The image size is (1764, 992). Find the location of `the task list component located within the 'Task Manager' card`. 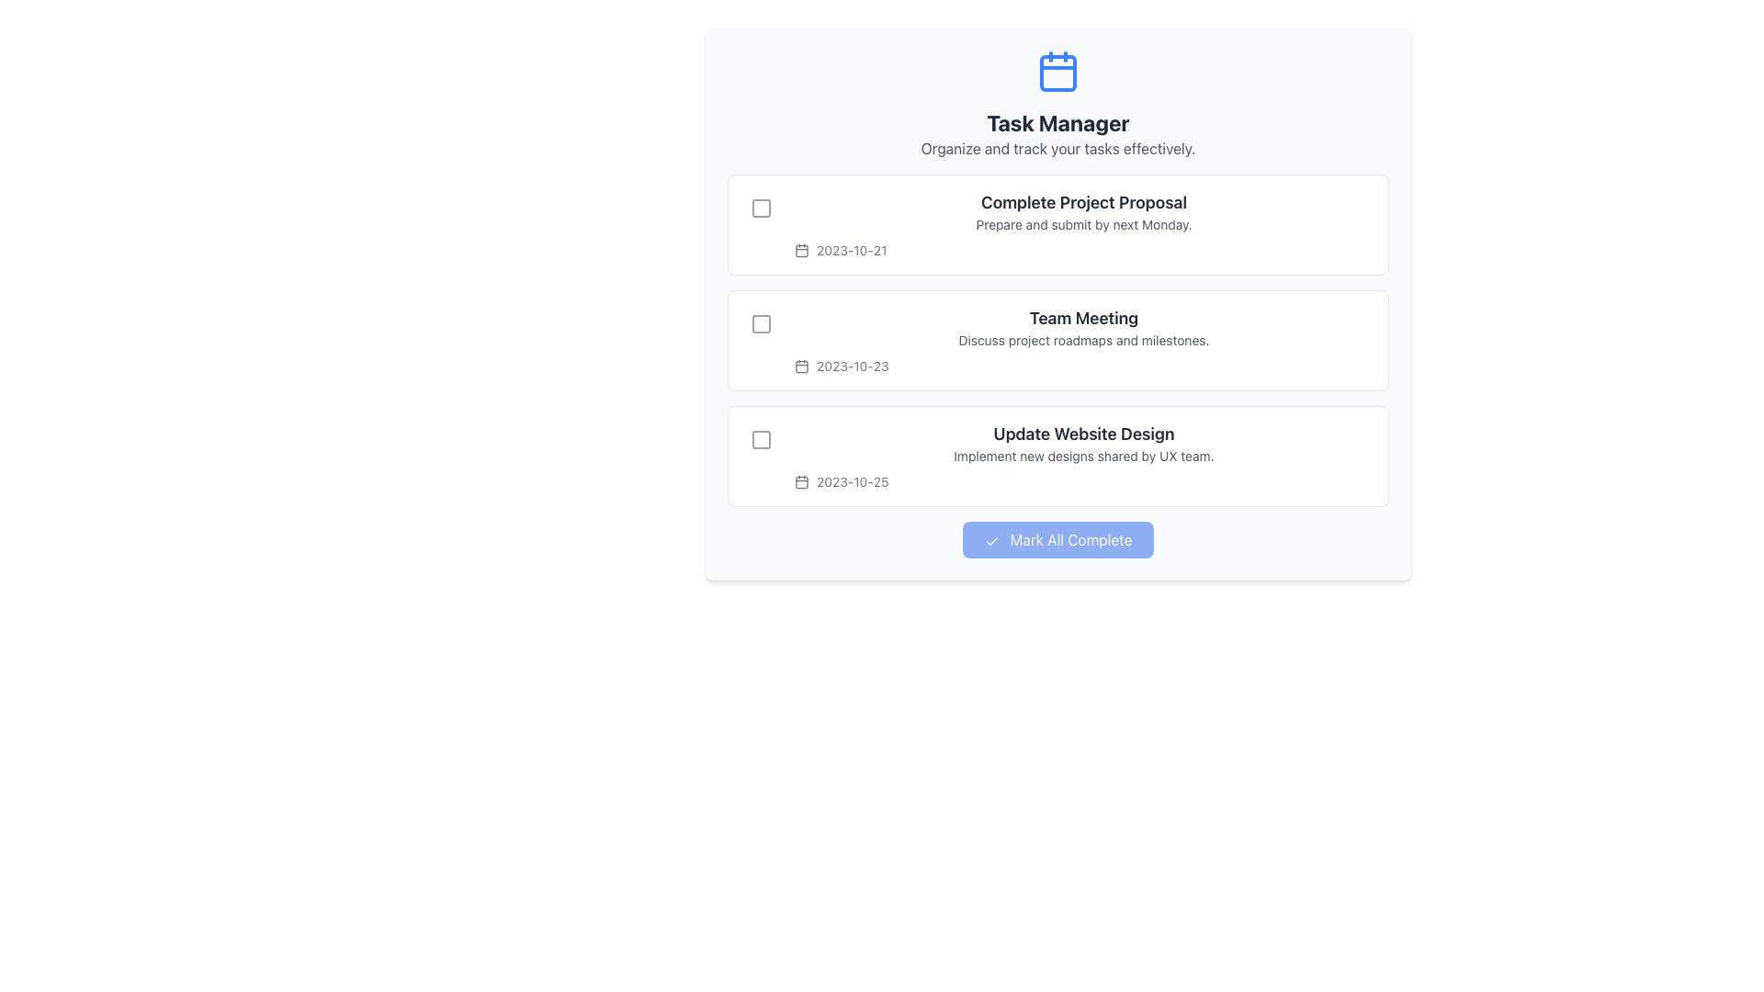

the task list component located within the 'Task Manager' card is located at coordinates (1058, 340).